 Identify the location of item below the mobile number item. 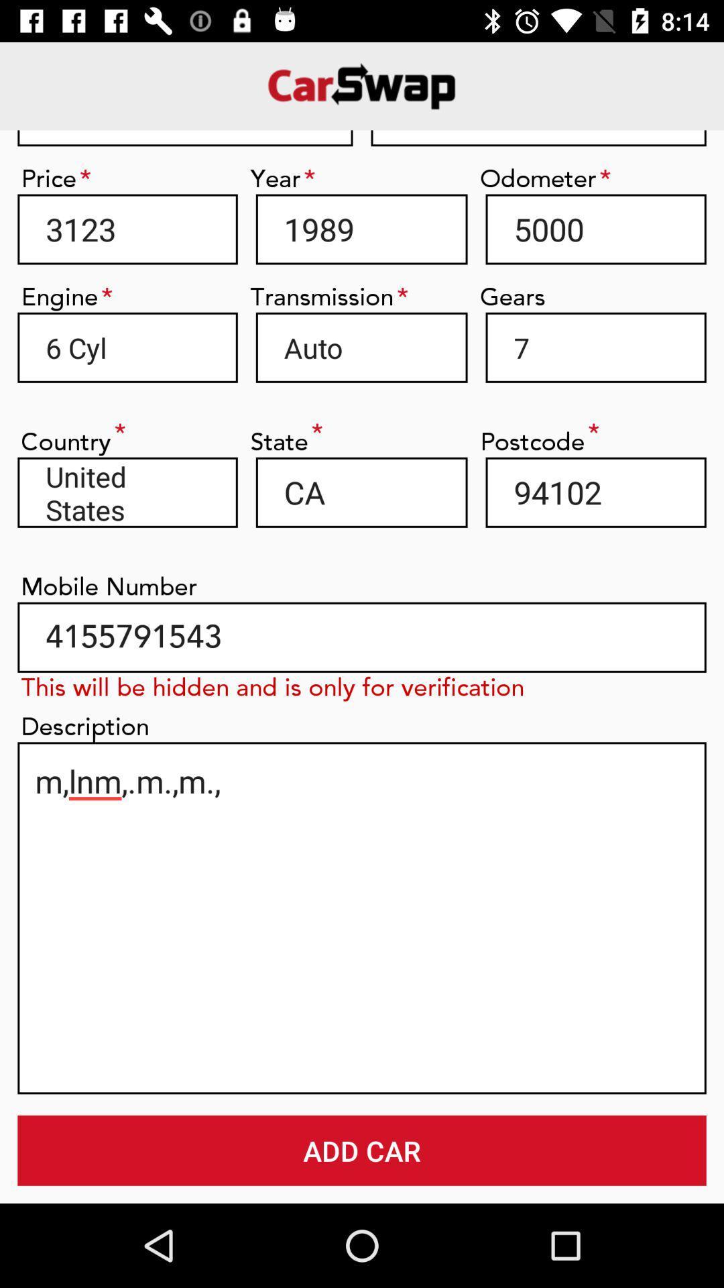
(362, 637).